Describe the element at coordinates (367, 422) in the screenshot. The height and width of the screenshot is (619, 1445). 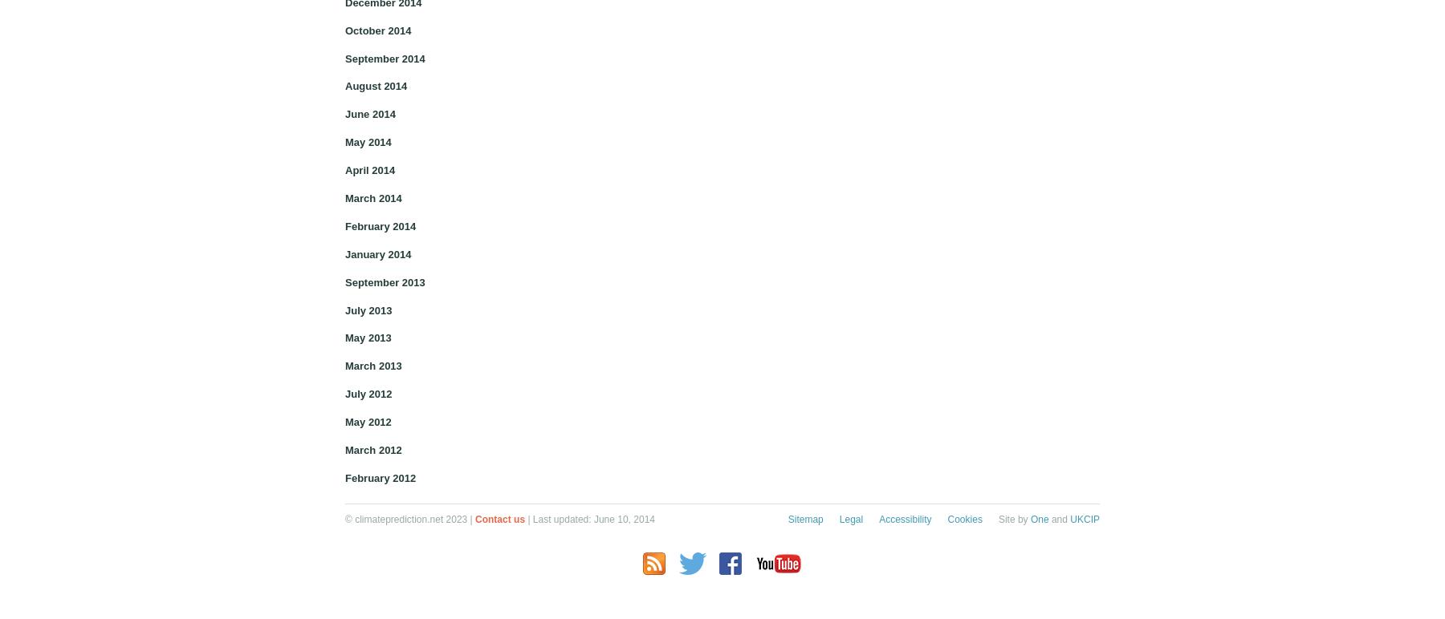
I see `'May 2012'` at that location.